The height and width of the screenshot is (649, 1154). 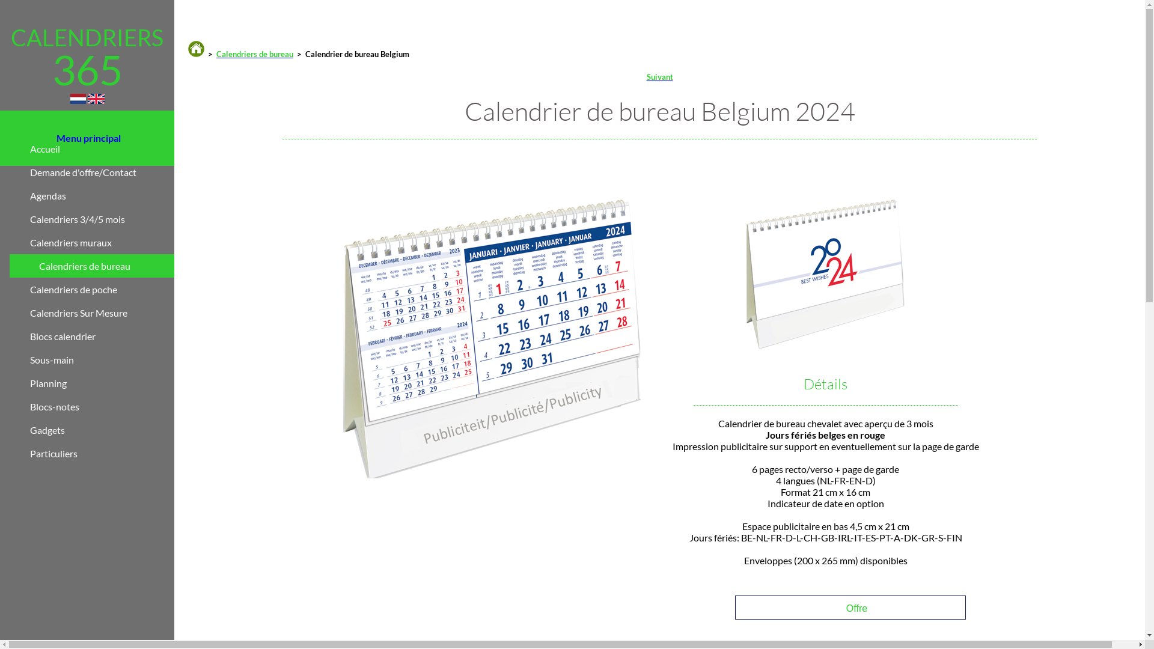 What do you see at coordinates (9, 312) in the screenshot?
I see `'Calendriers Sur Mesure'` at bounding box center [9, 312].